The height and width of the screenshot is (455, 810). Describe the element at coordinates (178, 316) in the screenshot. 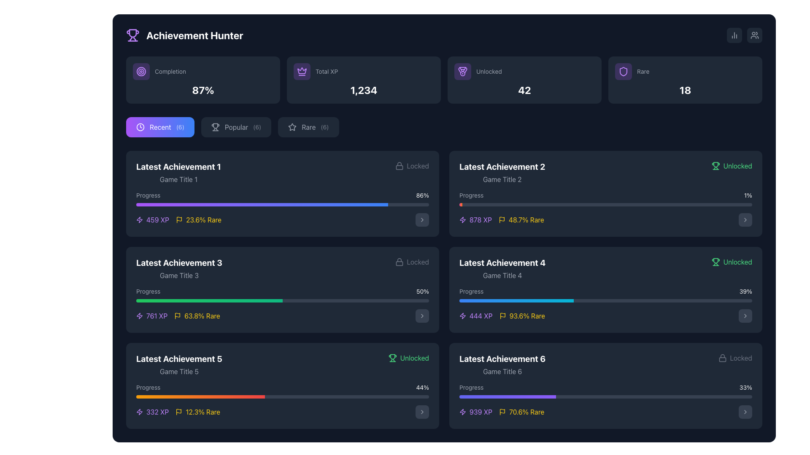

I see `the informational text indicating achievement details, which displays '761 XP' and '63.8% Rare', located in the third achievement information box in the middle column, just below the progress bar for 'Latest Achievement 3'` at that location.